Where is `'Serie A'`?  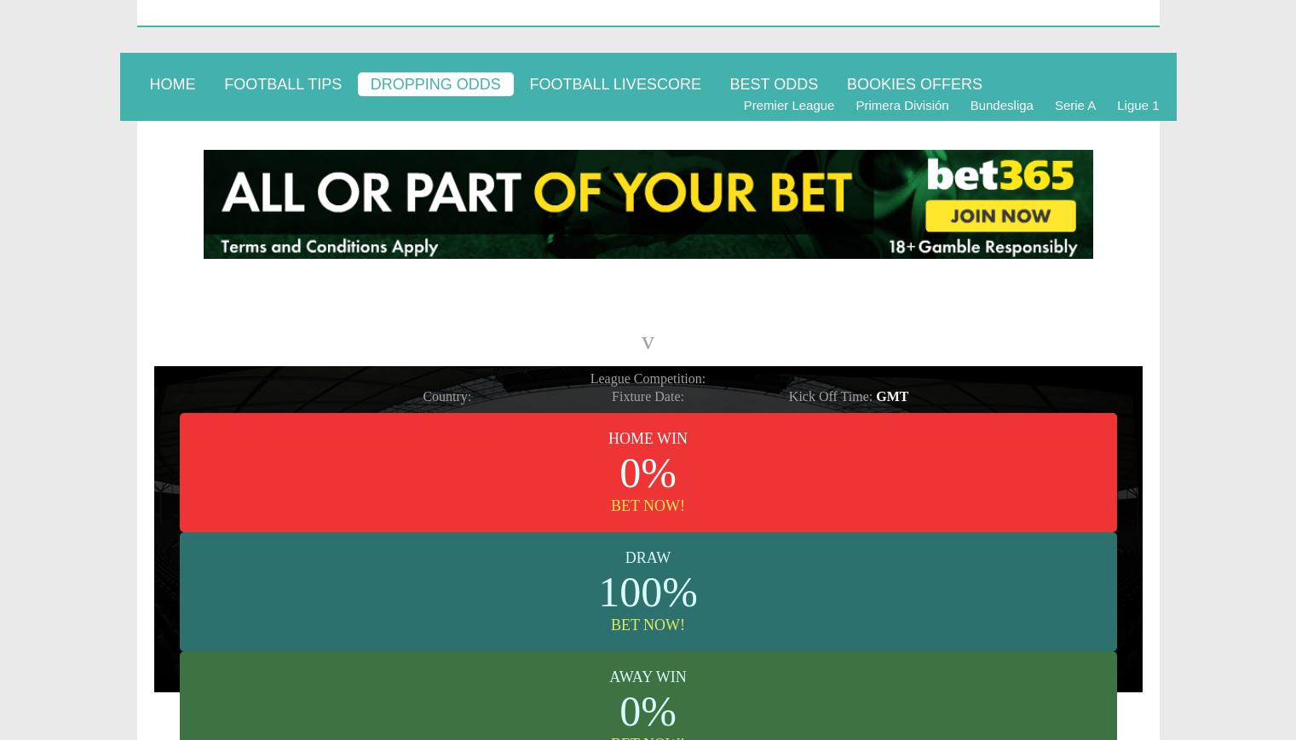
'Serie A' is located at coordinates (1074, 104).